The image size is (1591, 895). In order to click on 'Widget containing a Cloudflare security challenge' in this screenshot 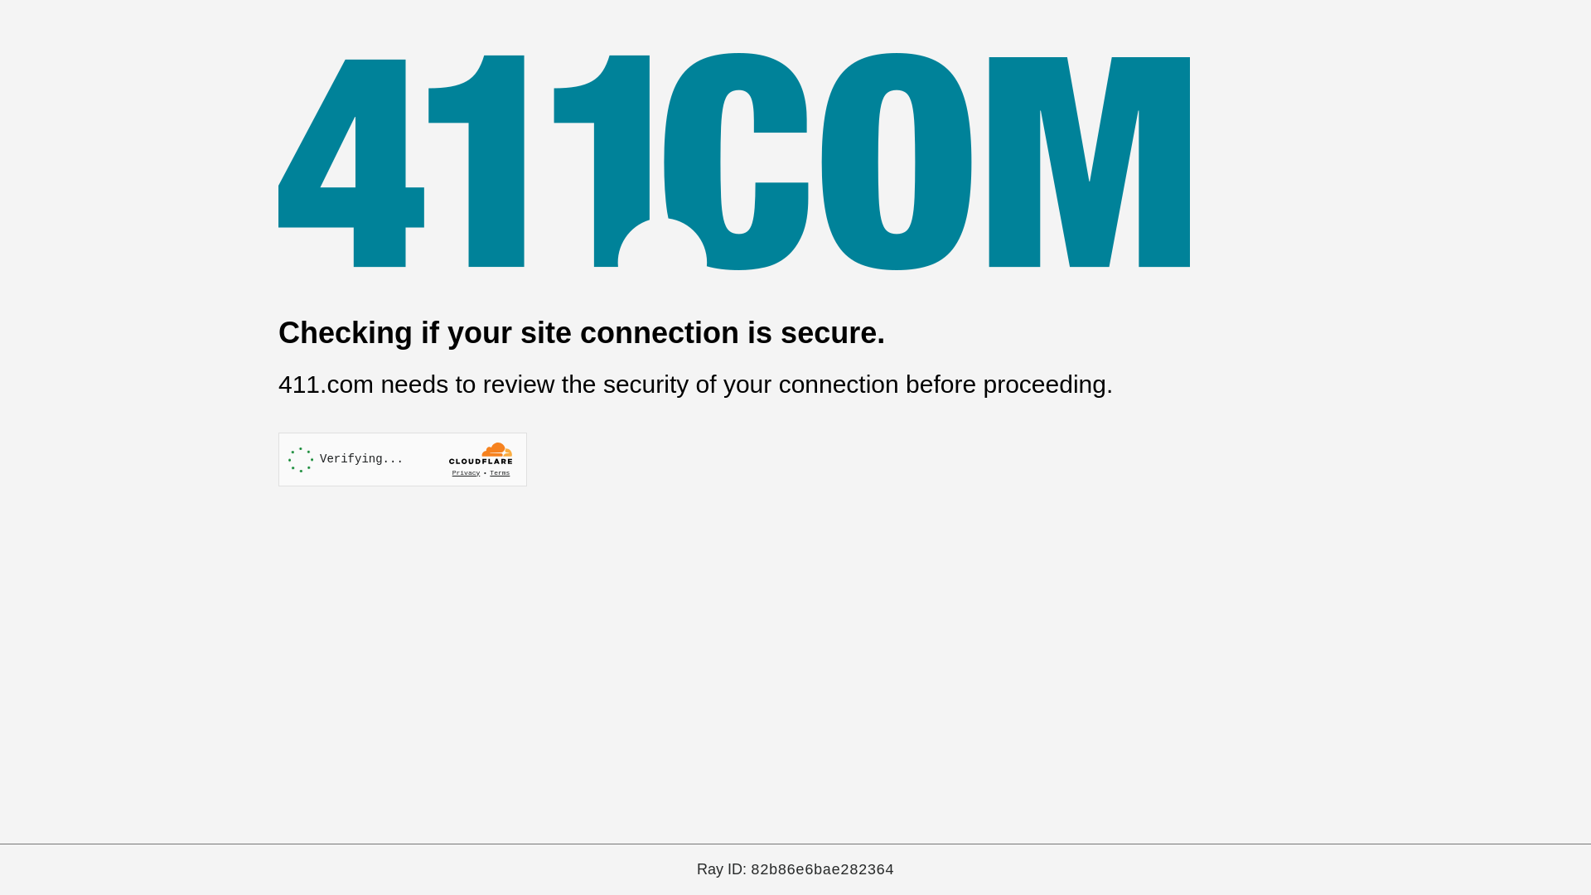, I will do `click(402, 459)`.